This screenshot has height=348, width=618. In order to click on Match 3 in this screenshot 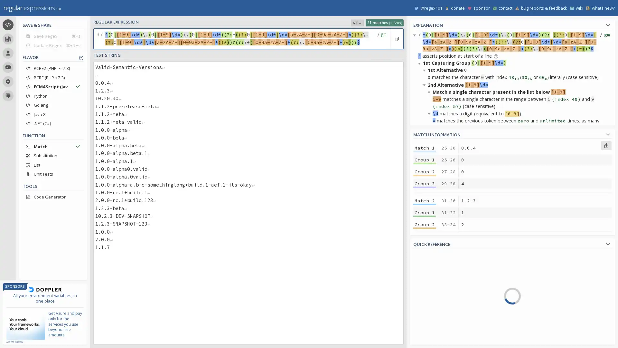, I will do `click(425, 253)`.